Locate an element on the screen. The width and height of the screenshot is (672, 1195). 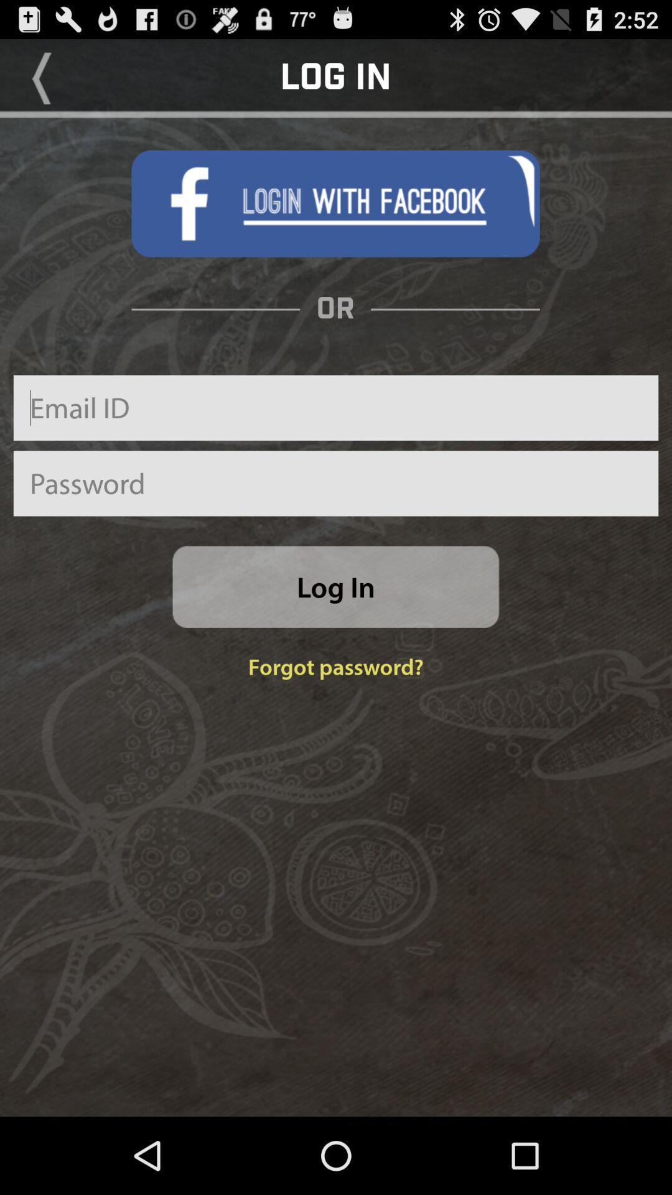
email id is located at coordinates (336, 408).